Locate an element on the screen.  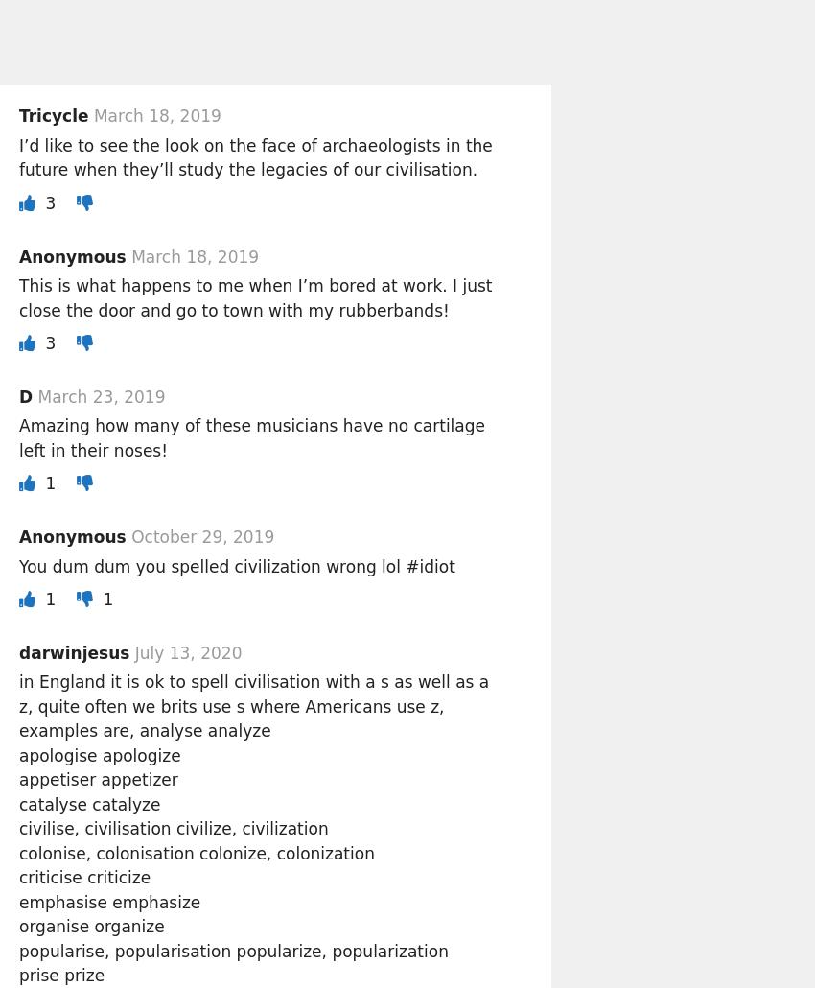
'March 23, 2019' is located at coordinates (100, 396).